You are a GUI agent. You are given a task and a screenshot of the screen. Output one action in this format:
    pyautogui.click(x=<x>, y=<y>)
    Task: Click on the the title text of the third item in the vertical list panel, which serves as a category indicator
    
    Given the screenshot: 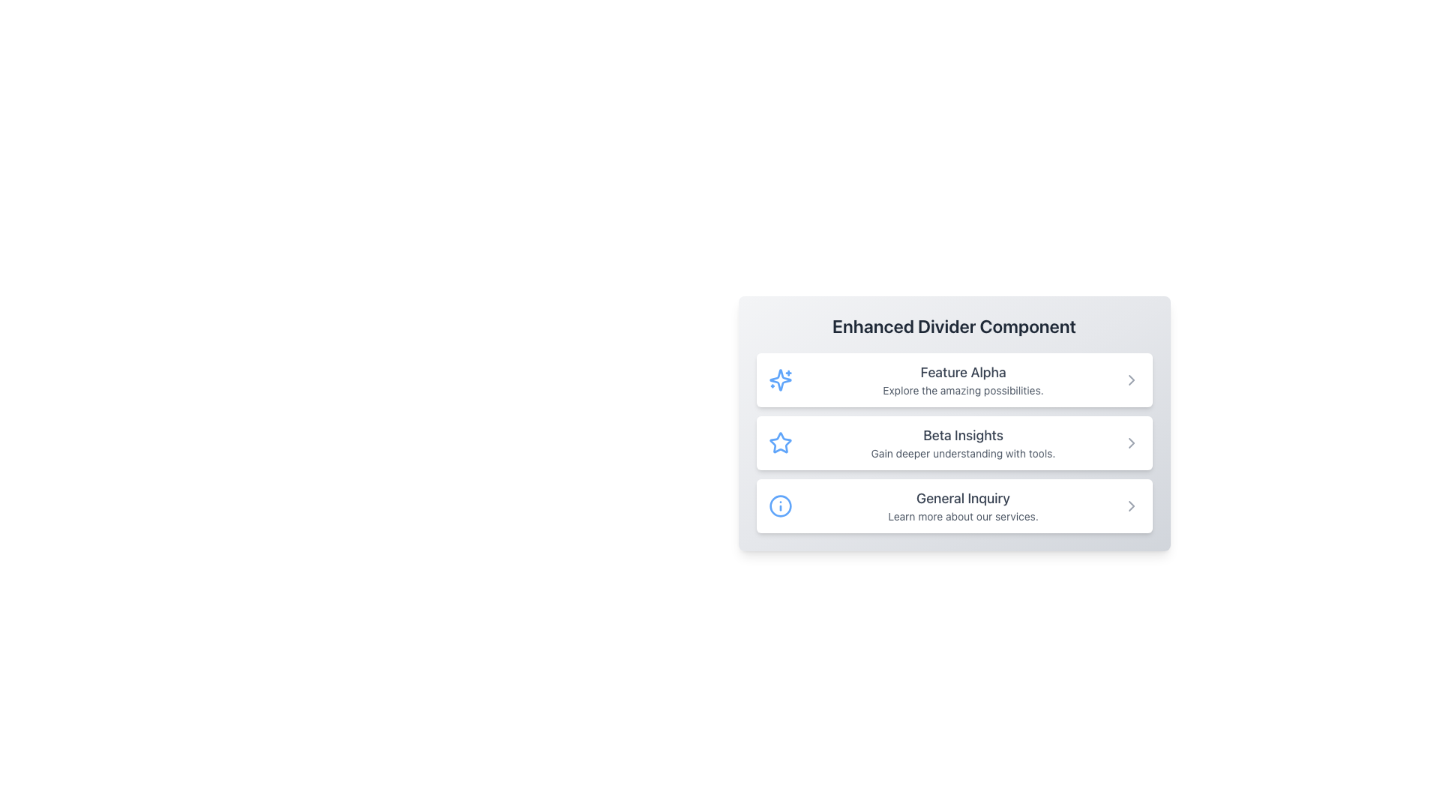 What is the action you would take?
    pyautogui.click(x=963, y=498)
    